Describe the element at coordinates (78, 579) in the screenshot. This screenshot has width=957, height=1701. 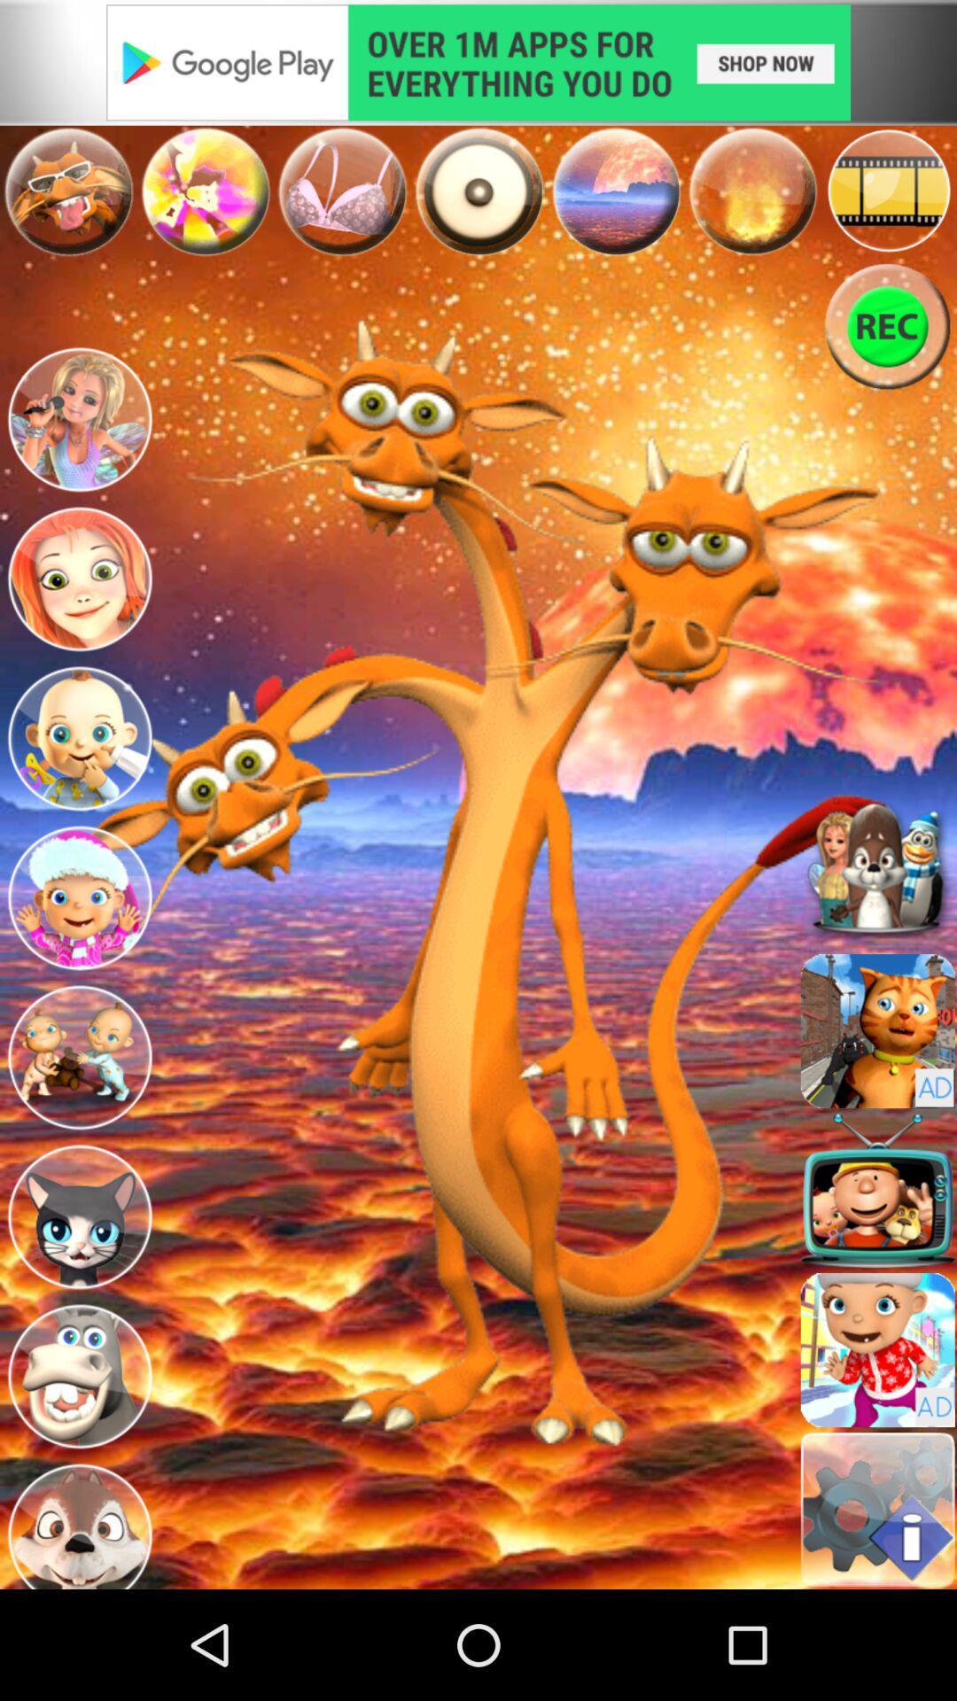
I see `choose an avatar` at that location.